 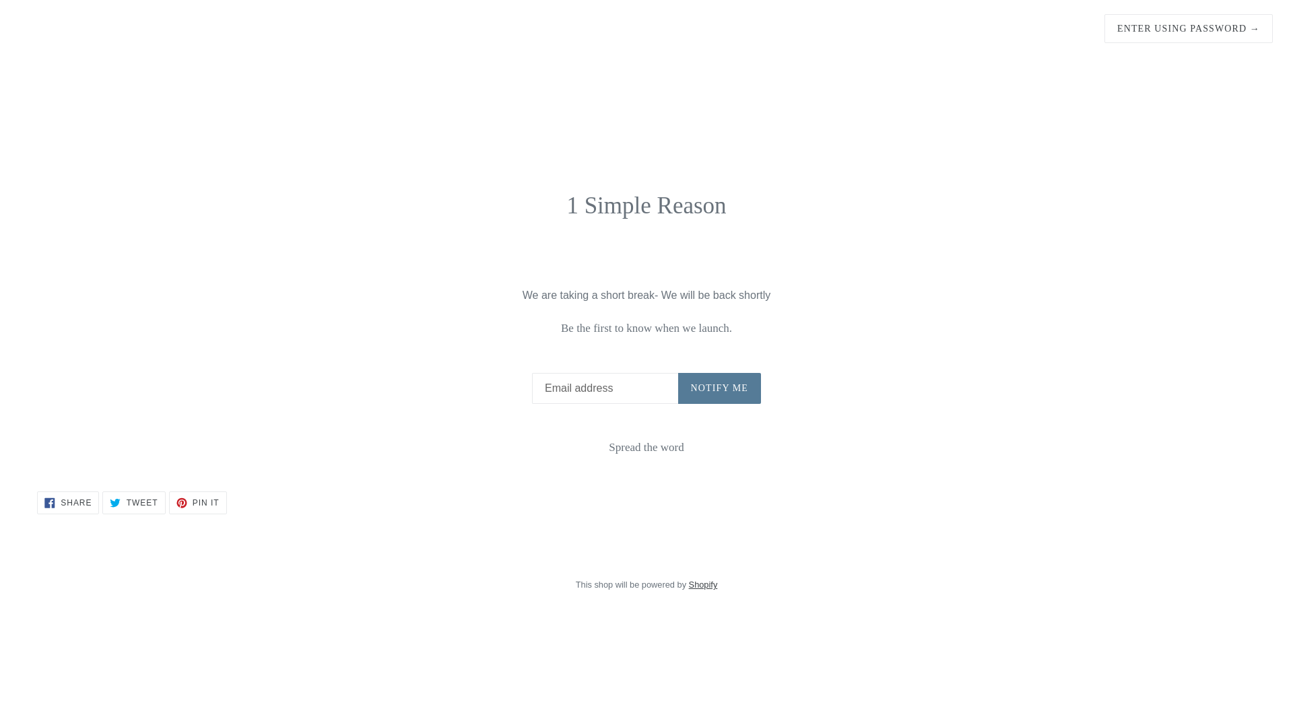 I want to click on 'PIN IT, so click(x=168, y=503).